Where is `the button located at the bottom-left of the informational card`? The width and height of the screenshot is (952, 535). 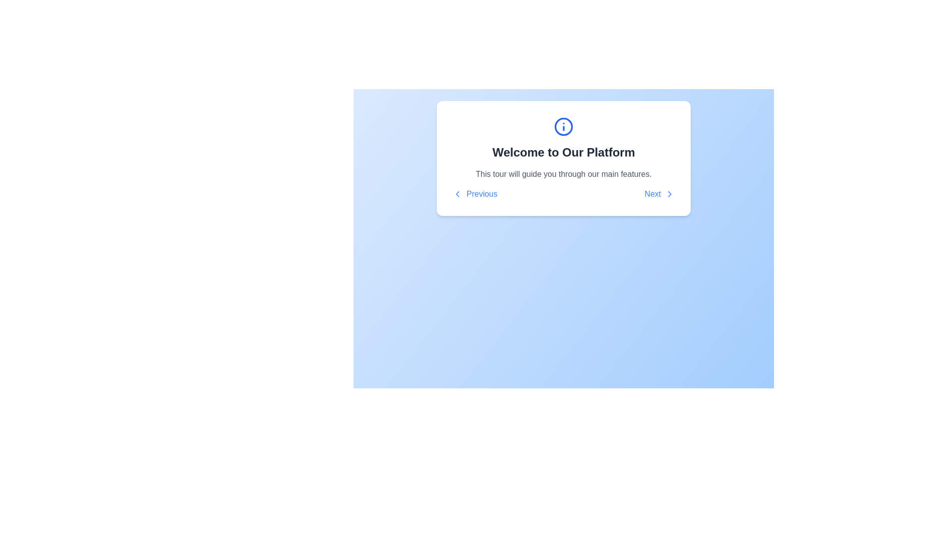 the button located at the bottom-left of the informational card is located at coordinates (475, 194).